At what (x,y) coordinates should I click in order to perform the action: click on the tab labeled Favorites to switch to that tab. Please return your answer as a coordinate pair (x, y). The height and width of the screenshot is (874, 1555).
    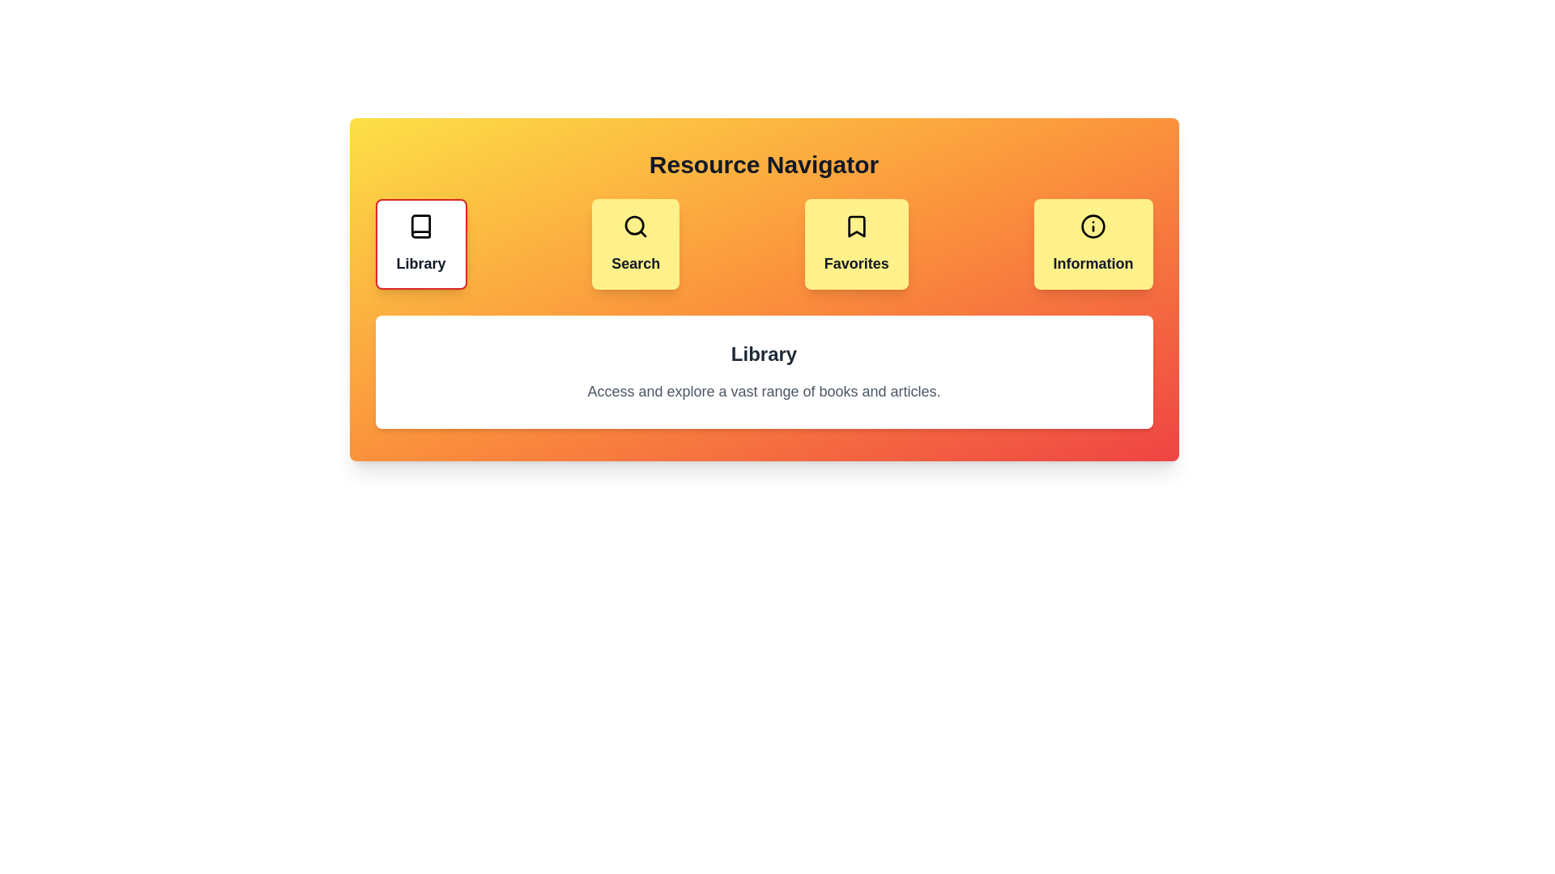
    Looking at the image, I should click on (855, 244).